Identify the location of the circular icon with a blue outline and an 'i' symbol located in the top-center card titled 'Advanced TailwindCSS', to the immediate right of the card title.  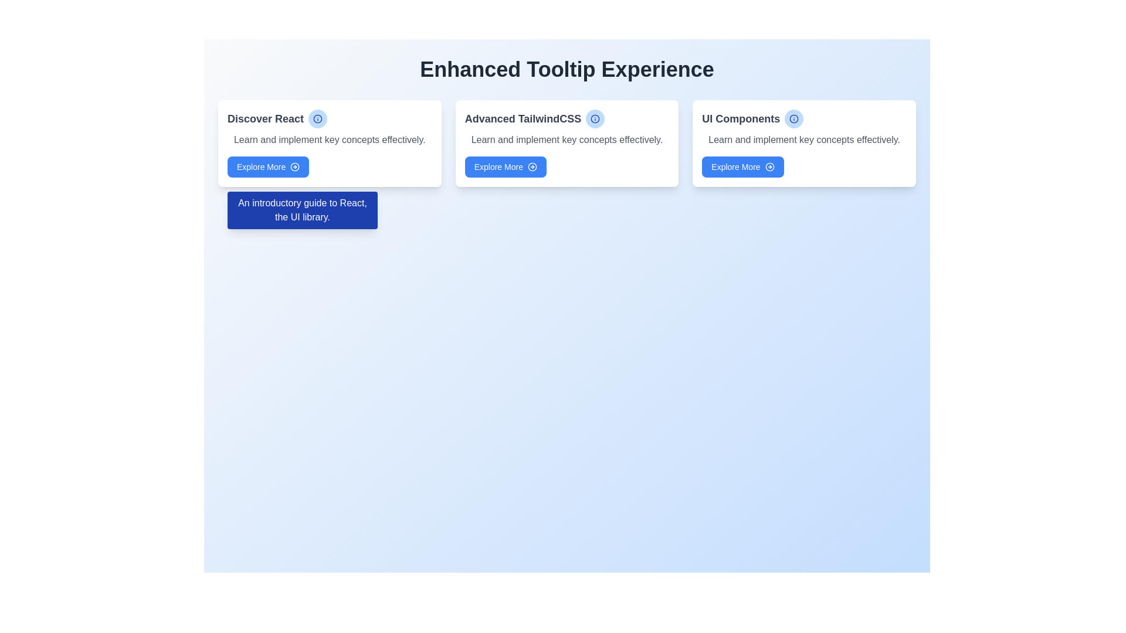
(595, 119).